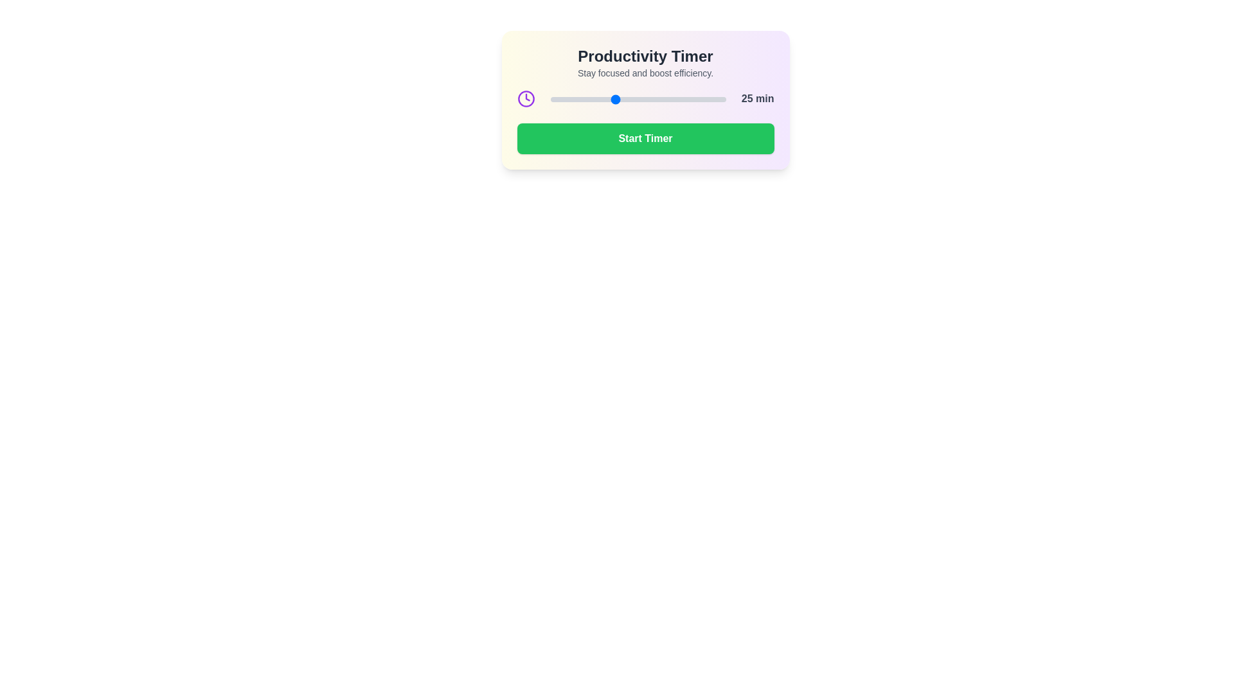 This screenshot has height=694, width=1234. I want to click on the timer value display to focus on it, so click(758, 98).